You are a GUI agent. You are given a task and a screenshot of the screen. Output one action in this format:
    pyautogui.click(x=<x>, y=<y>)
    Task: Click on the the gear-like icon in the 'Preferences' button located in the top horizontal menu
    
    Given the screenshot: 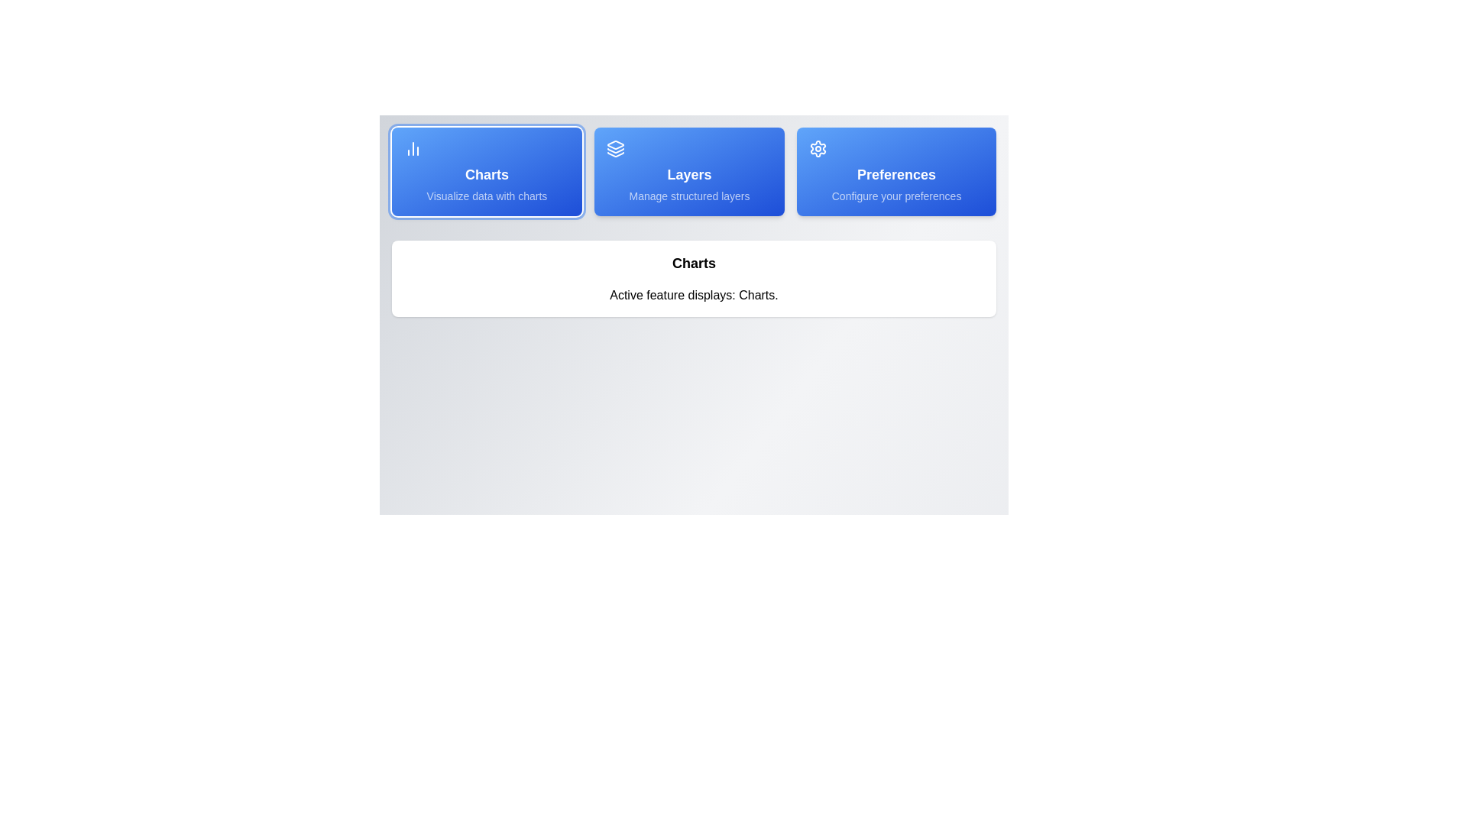 What is the action you would take?
    pyautogui.click(x=818, y=149)
    